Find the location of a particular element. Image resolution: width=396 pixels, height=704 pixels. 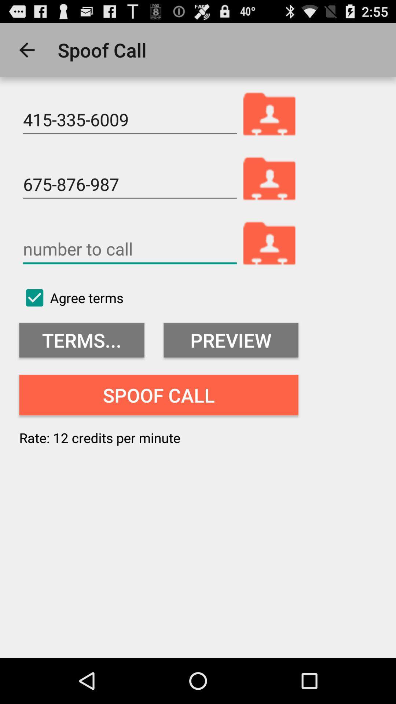

agree terms is located at coordinates (71, 298).